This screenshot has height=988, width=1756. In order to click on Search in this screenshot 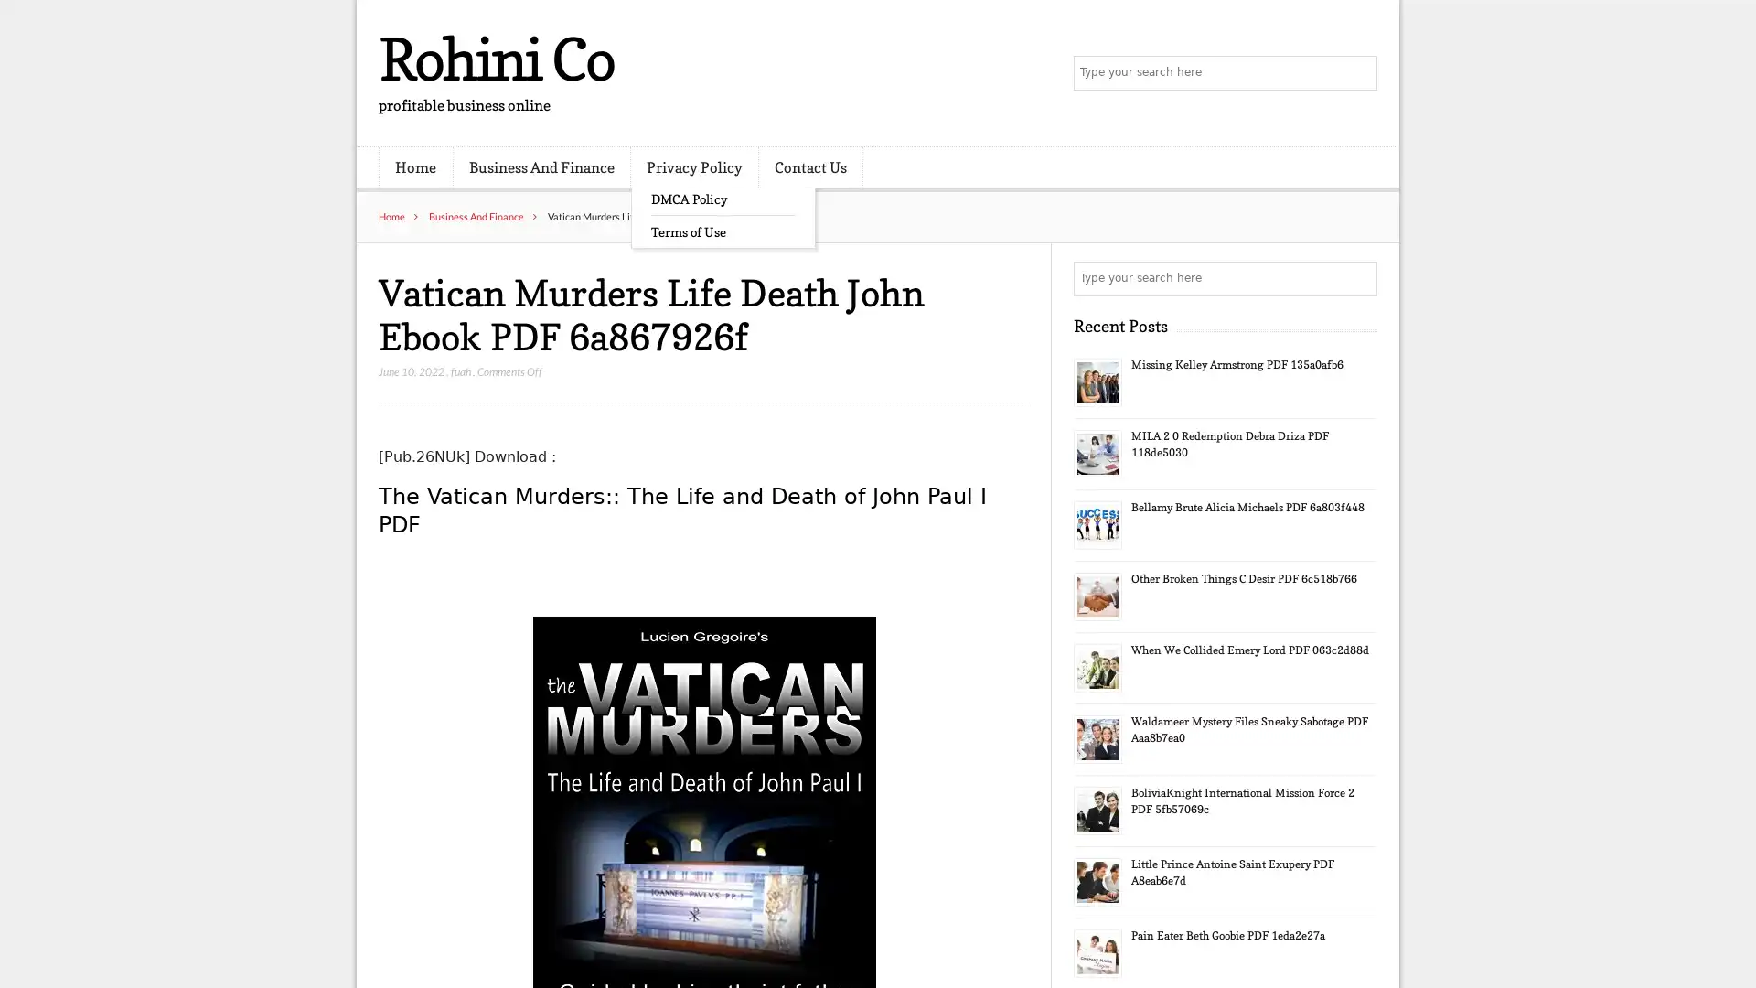, I will do `click(1358, 278)`.